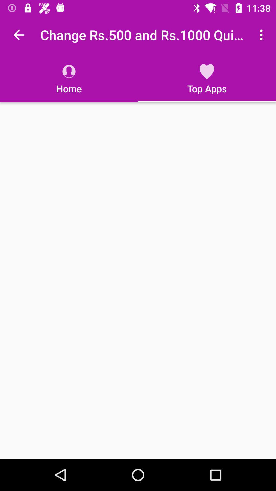  What do you see at coordinates (262, 35) in the screenshot?
I see `app to the right of change rs 500 app` at bounding box center [262, 35].